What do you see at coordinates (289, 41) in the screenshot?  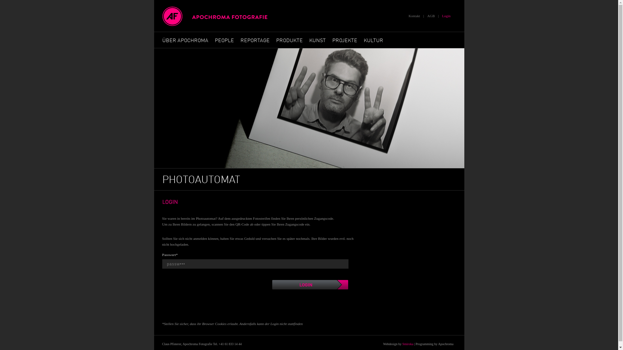 I see `'PRODUKTE'` at bounding box center [289, 41].